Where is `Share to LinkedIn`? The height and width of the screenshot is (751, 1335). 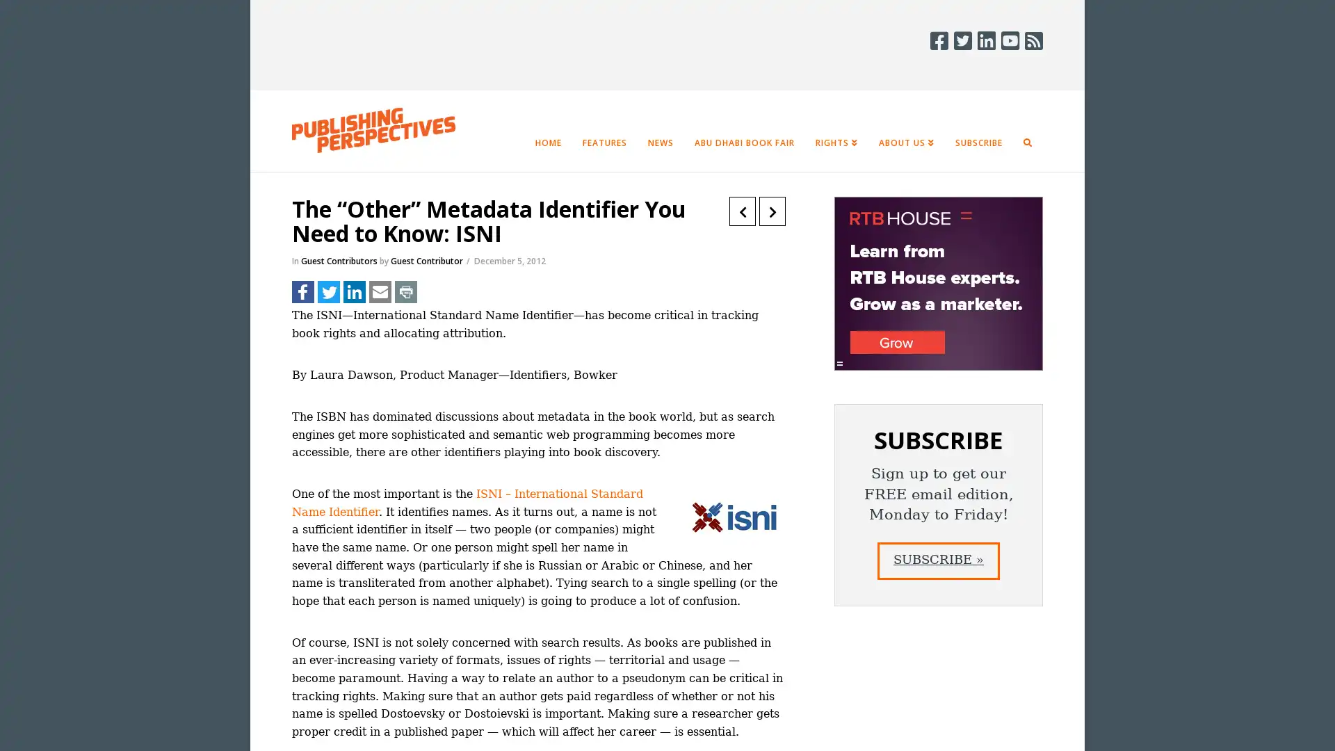
Share to LinkedIn is located at coordinates (354, 291).